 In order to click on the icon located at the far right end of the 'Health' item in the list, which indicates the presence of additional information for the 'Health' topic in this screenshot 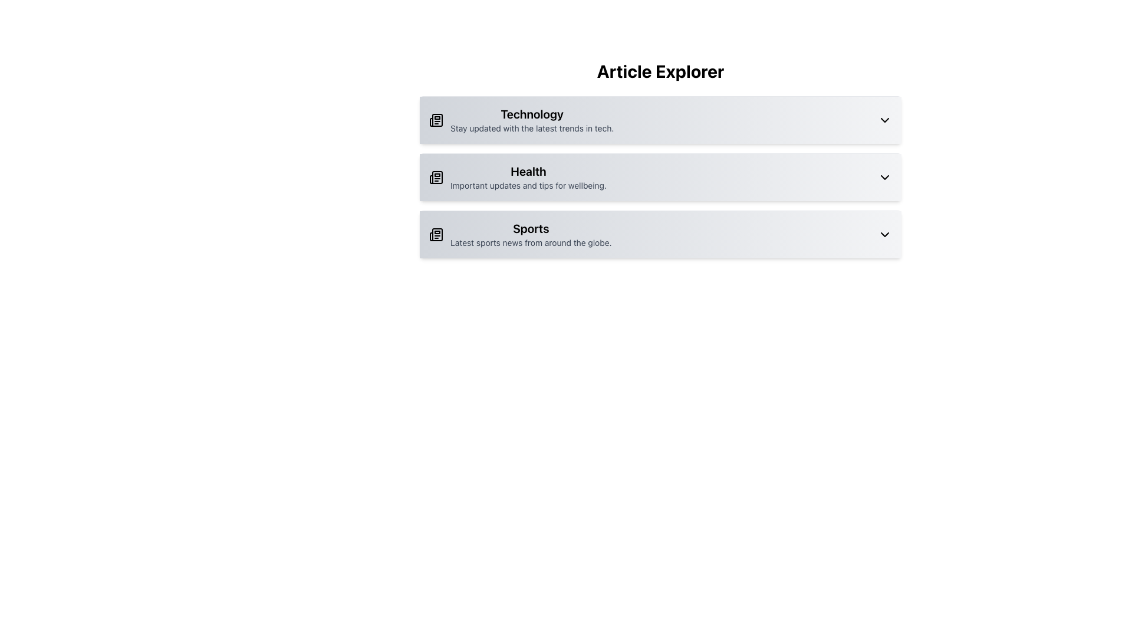, I will do `click(885, 177)`.